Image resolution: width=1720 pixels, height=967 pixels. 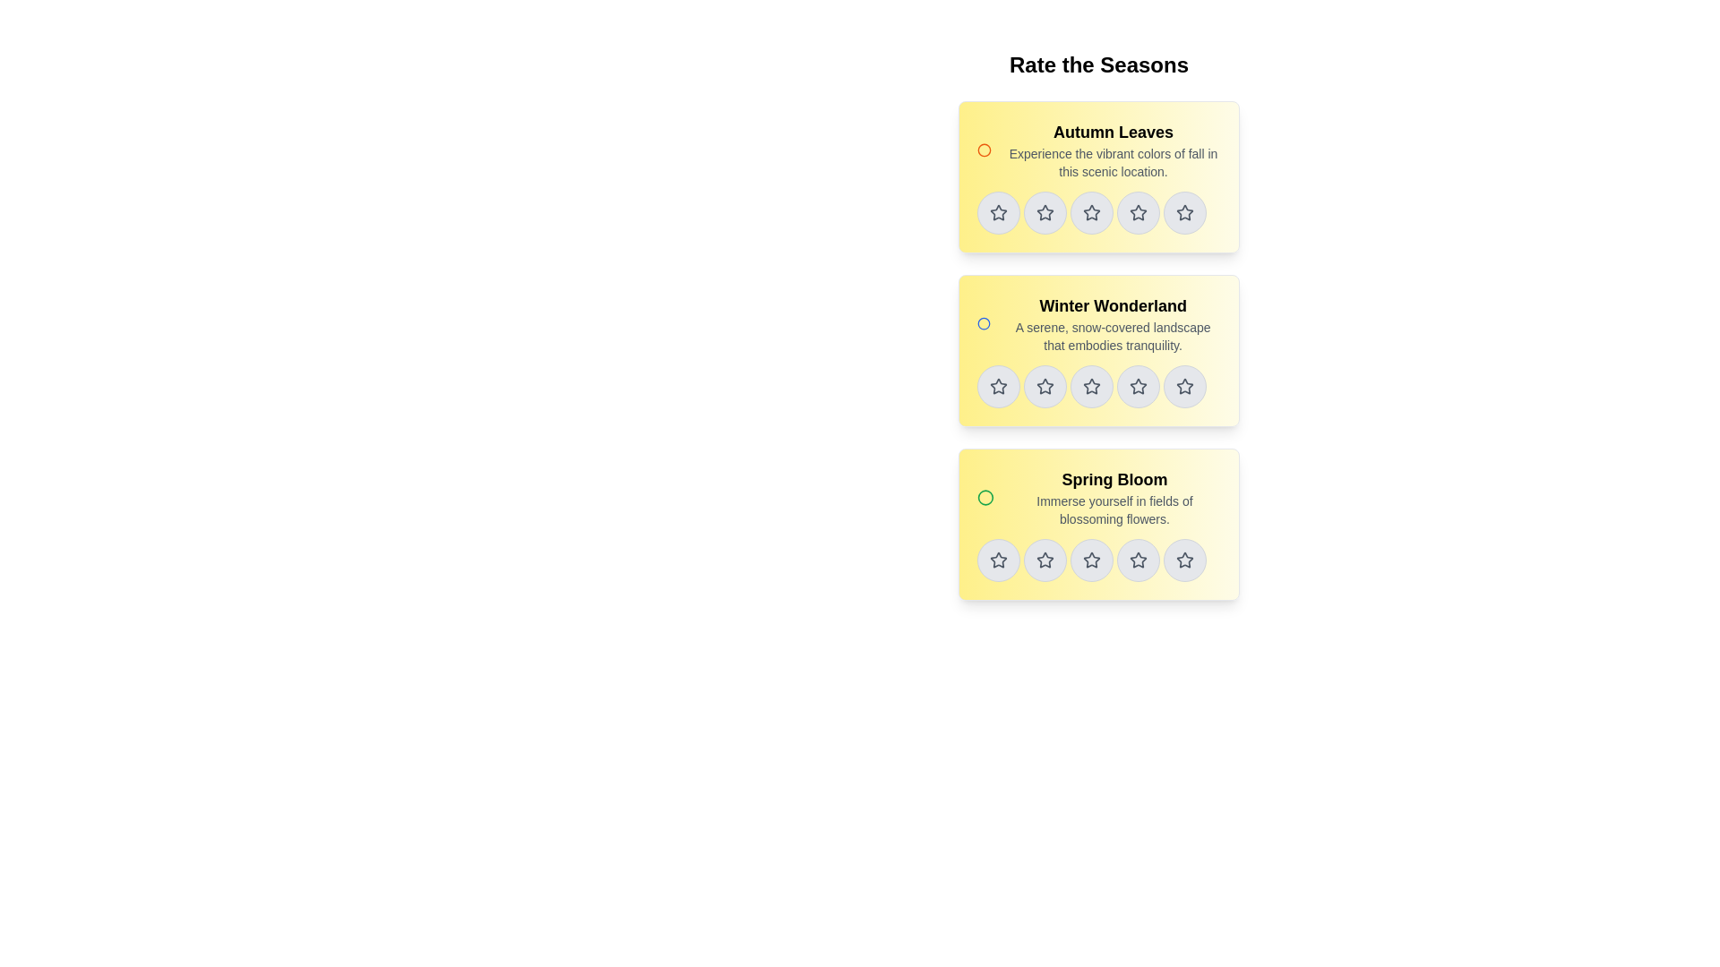 I want to click on the fourth star in the horizontal row of five rating stars located in the 'Winter Wonderland' section, so click(x=1138, y=386).